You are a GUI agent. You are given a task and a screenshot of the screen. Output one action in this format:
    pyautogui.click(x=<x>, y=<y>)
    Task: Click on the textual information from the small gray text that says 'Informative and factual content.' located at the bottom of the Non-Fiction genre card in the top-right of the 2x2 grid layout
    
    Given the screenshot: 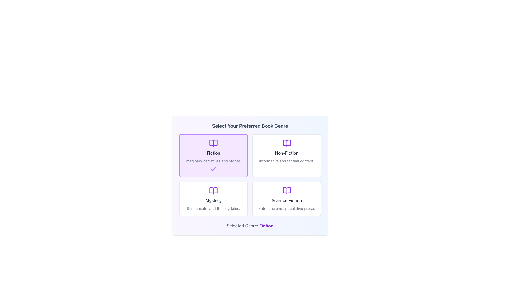 What is the action you would take?
    pyautogui.click(x=287, y=161)
    